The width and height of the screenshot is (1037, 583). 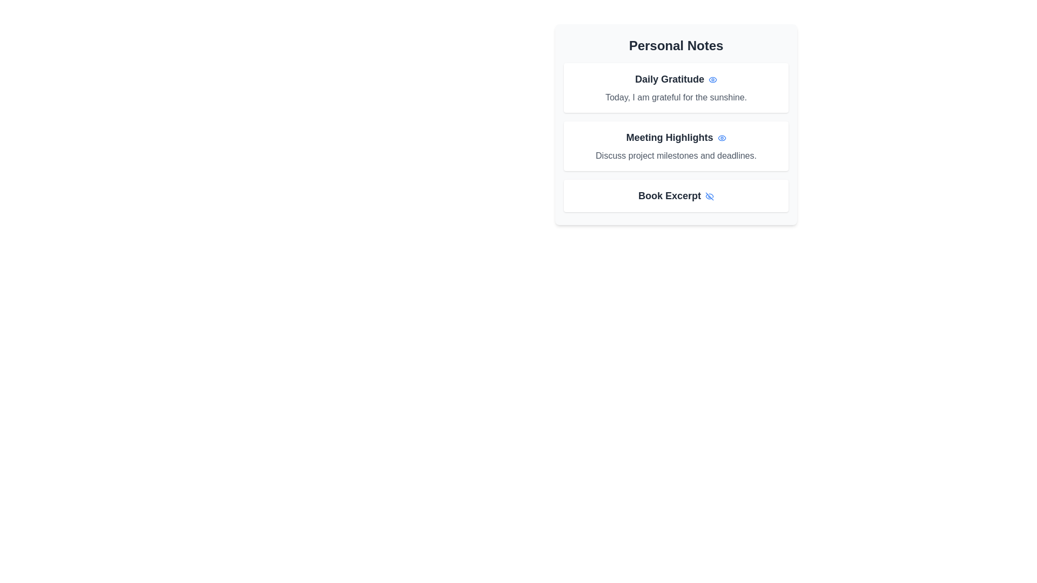 I want to click on the eye icon of the note titled Meeting Highlights to toggle its visibility, so click(x=721, y=137).